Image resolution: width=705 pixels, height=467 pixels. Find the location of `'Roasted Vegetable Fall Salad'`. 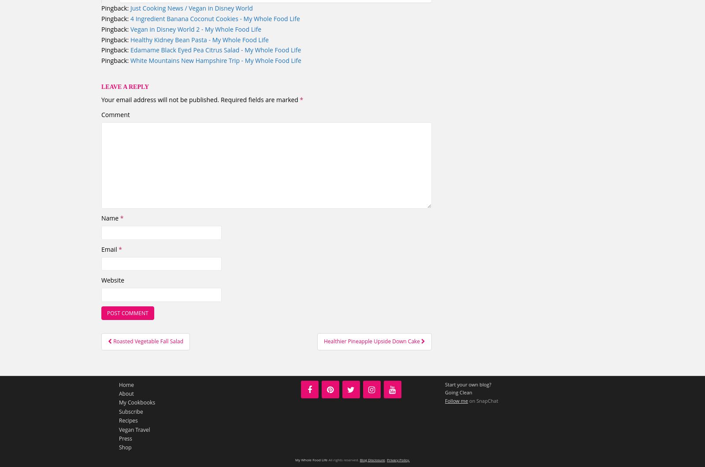

'Roasted Vegetable Fall Salad' is located at coordinates (148, 341).